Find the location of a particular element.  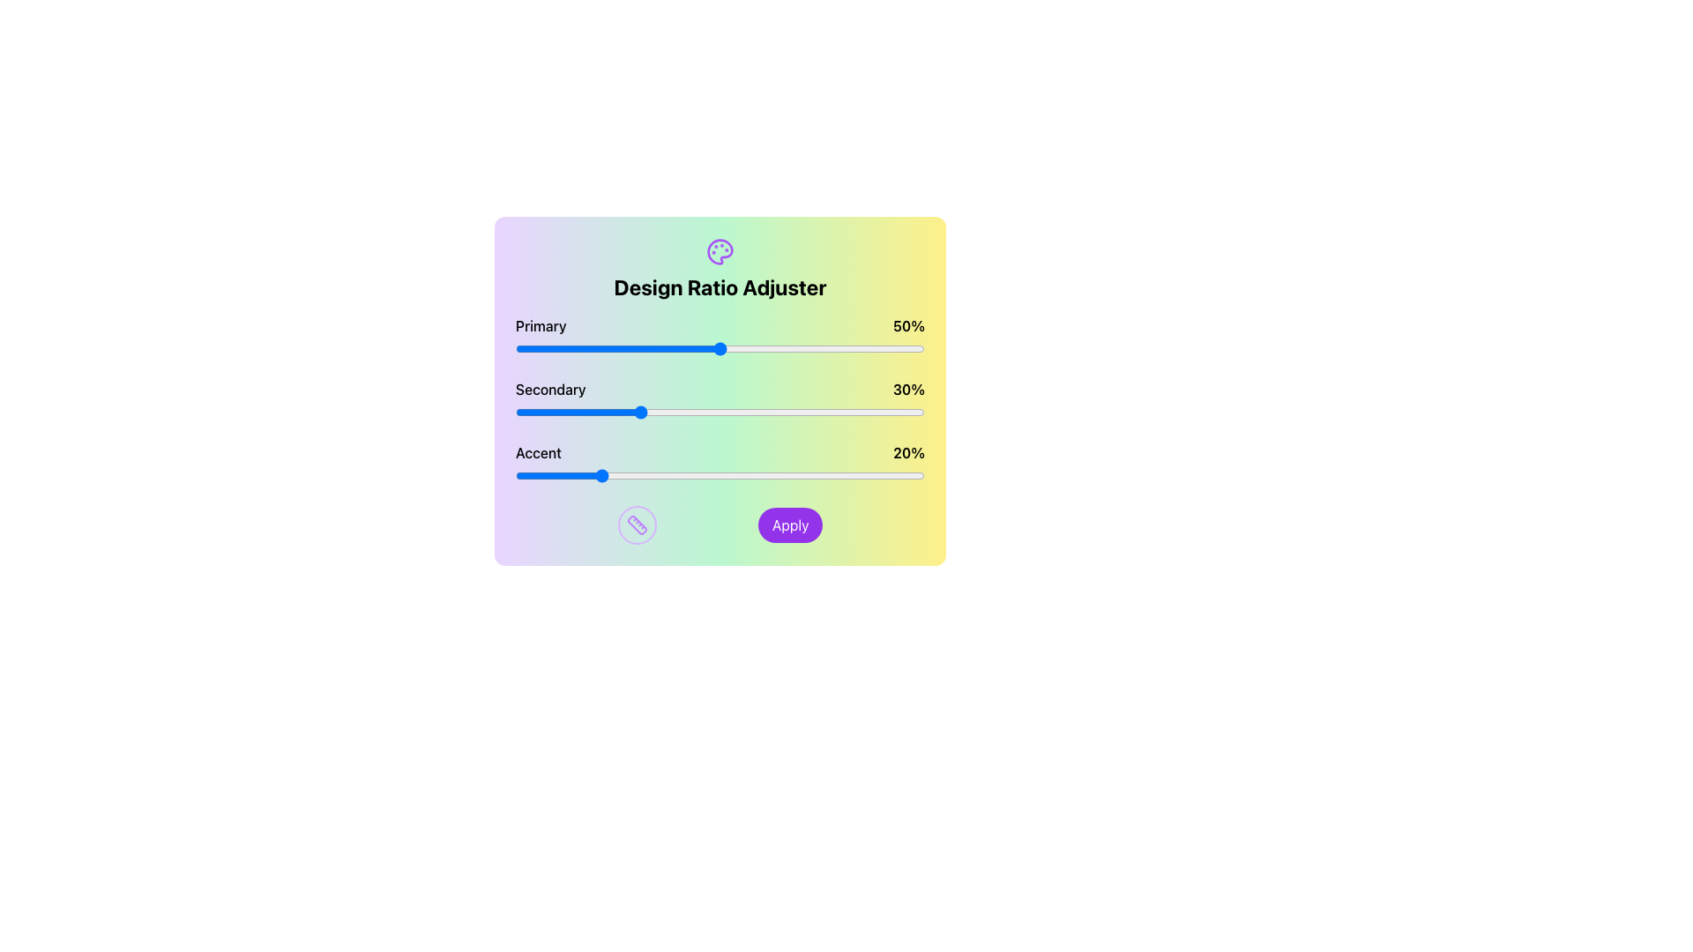

current percentage value displayed as '50%' on the text element that represents the state of the 'Primary' slider is located at coordinates (909, 326).